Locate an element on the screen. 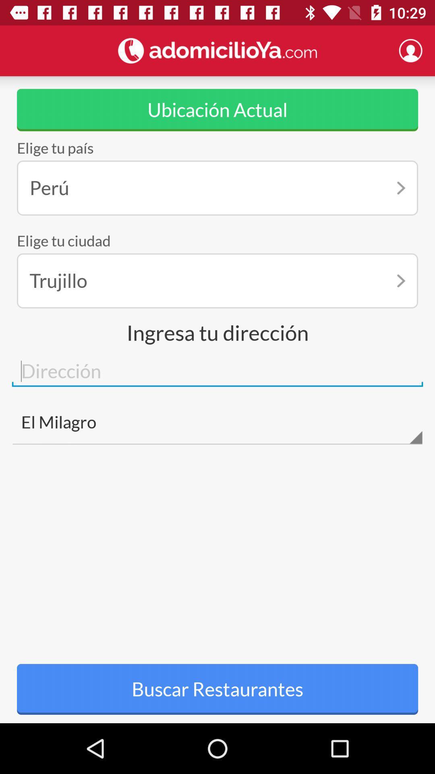  takes you to your profile is located at coordinates (410, 50).